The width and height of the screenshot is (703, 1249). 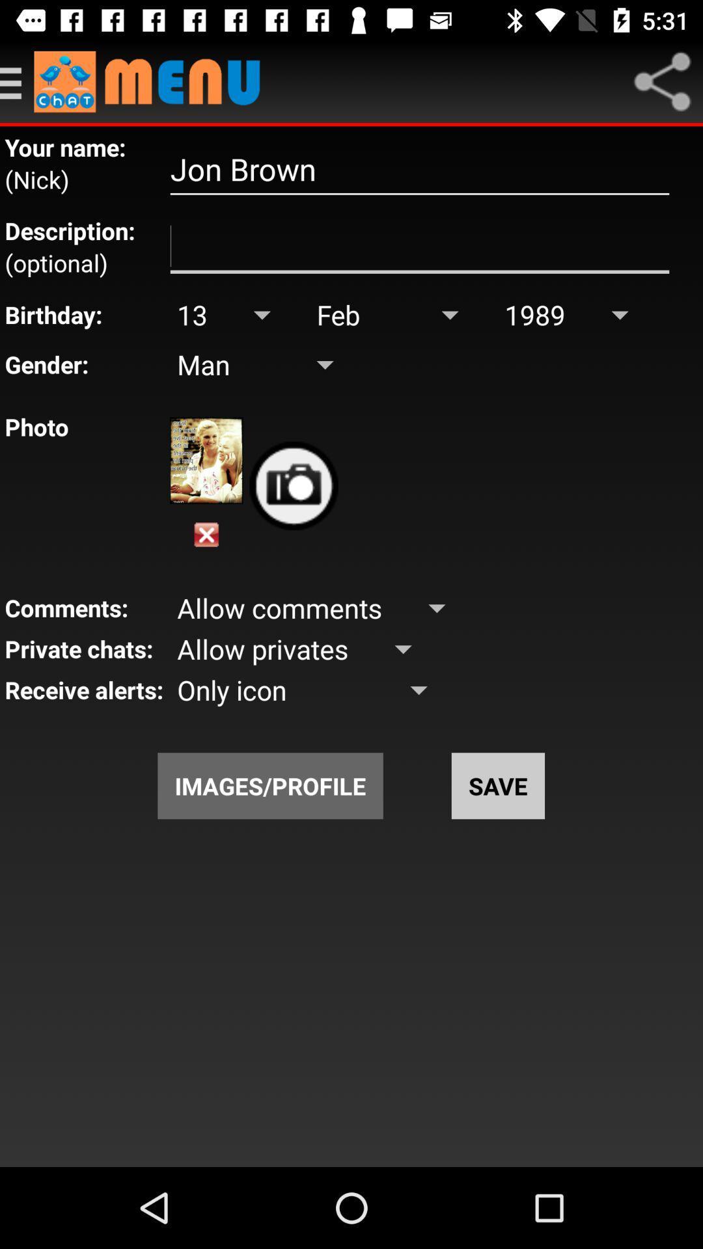 I want to click on menu pega, so click(x=17, y=81).